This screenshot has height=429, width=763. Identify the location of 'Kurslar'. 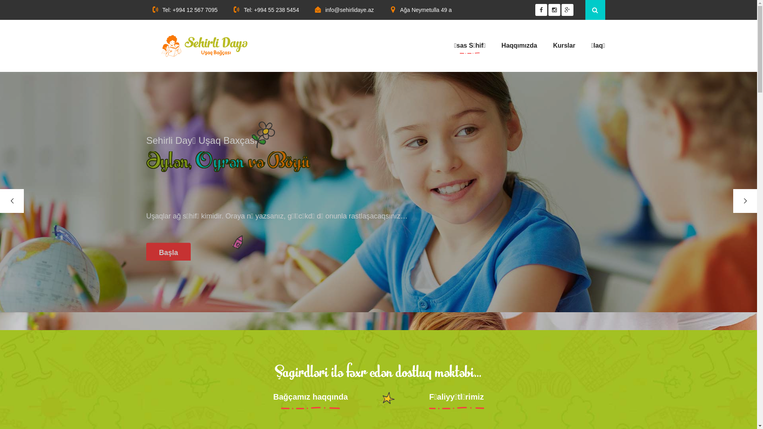
(553, 46).